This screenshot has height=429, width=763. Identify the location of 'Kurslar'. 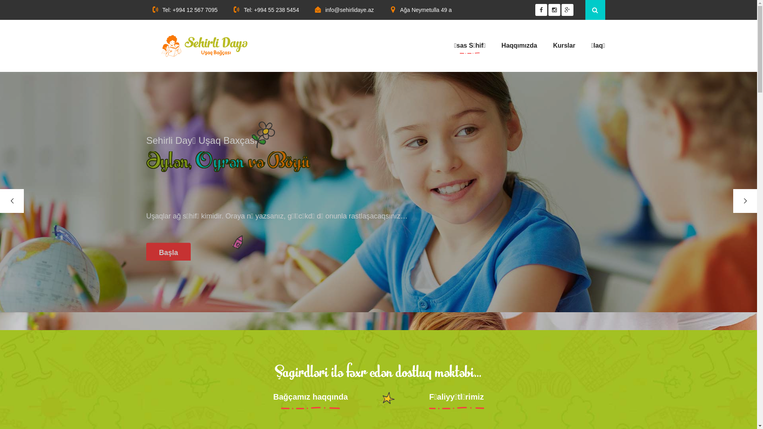
(553, 46).